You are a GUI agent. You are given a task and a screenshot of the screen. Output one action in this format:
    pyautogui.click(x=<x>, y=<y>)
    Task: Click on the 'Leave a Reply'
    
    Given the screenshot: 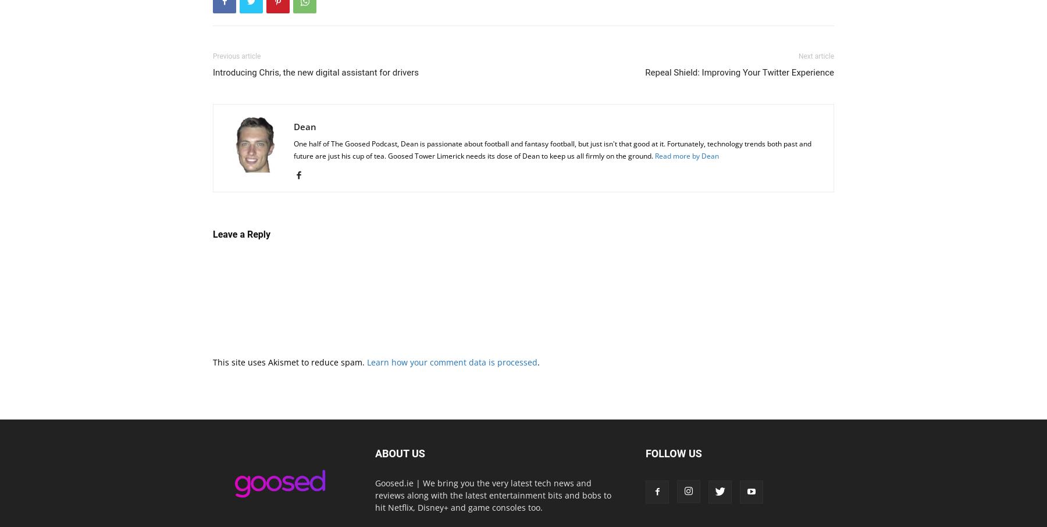 What is the action you would take?
    pyautogui.click(x=241, y=234)
    